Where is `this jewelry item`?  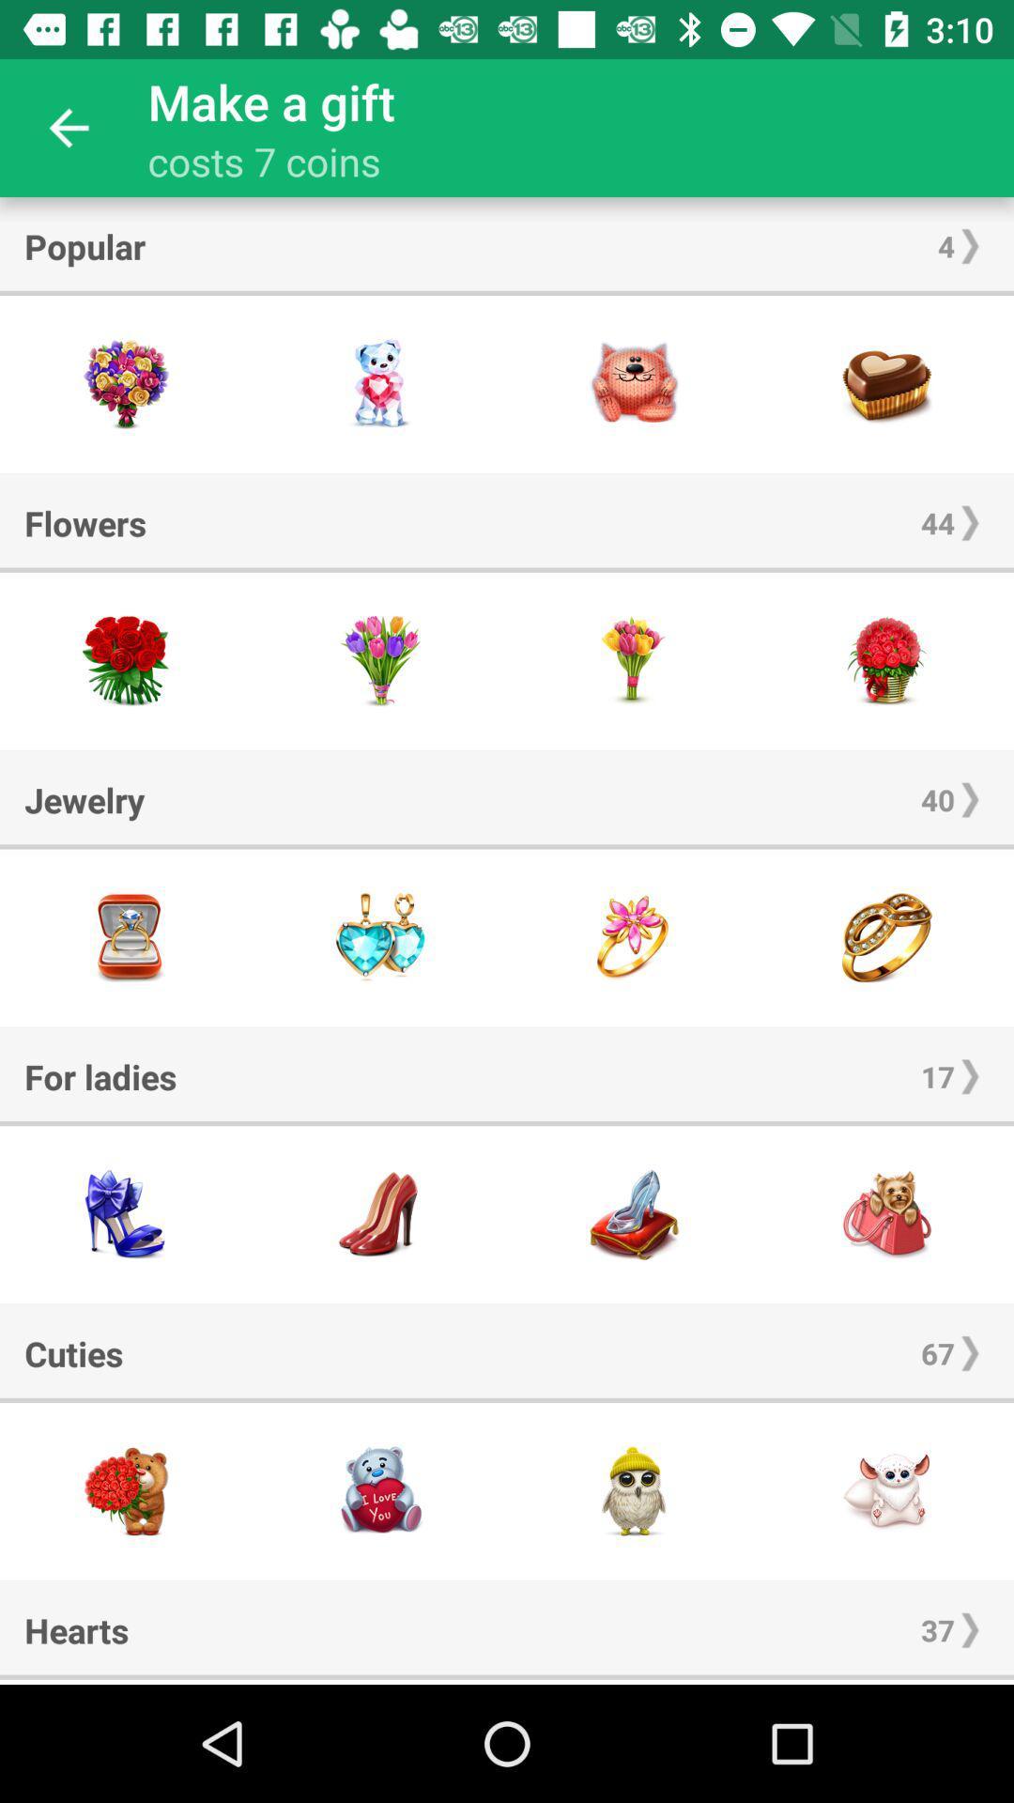
this jewelry item is located at coordinates (380, 937).